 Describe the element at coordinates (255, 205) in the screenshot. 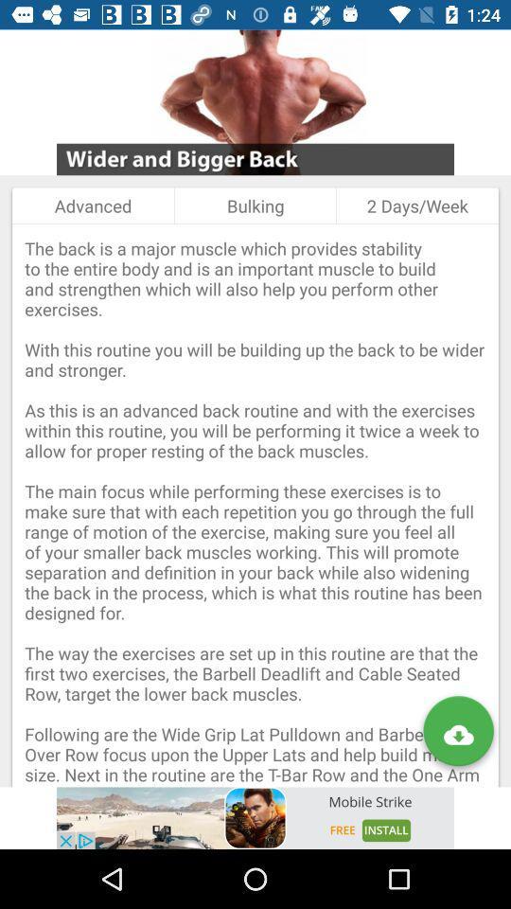

I see `icon next to 2 days/week` at that location.